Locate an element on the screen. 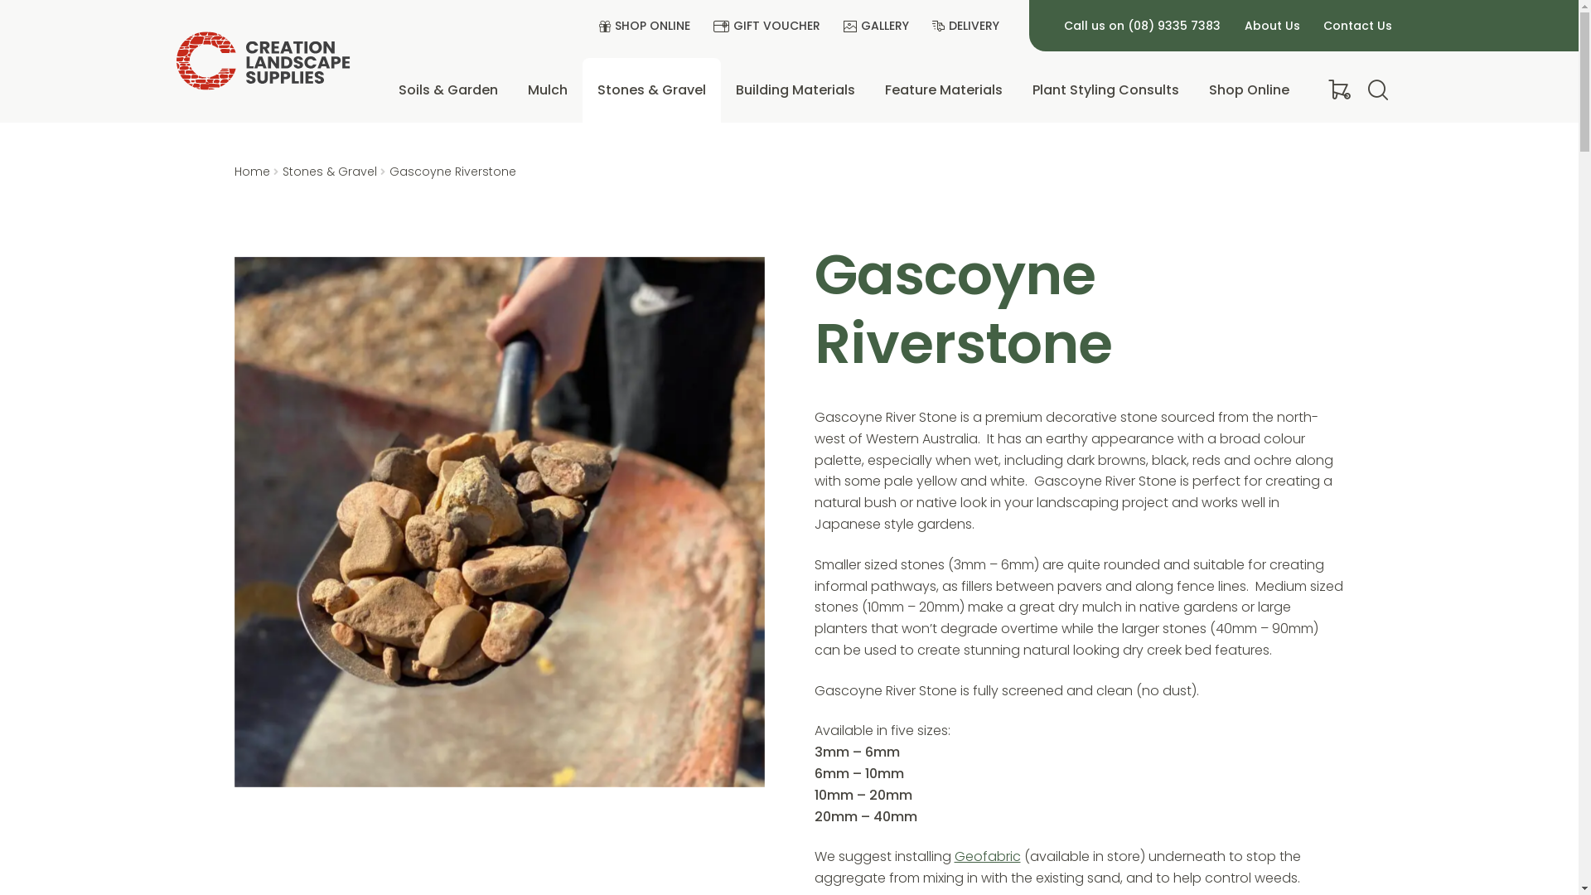  'DELIVERY' is located at coordinates (926, 26).